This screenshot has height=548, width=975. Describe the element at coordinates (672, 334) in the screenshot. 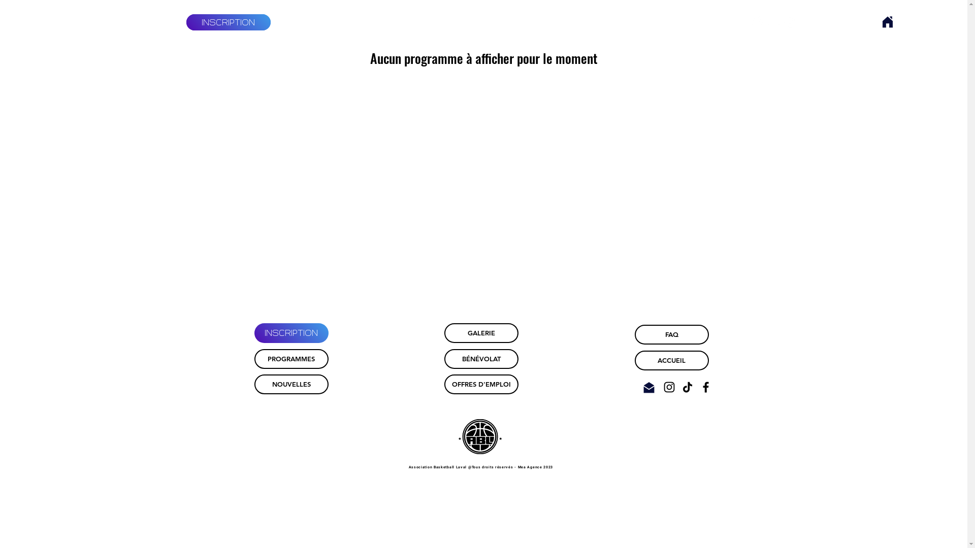

I see `'FAQ'` at that location.